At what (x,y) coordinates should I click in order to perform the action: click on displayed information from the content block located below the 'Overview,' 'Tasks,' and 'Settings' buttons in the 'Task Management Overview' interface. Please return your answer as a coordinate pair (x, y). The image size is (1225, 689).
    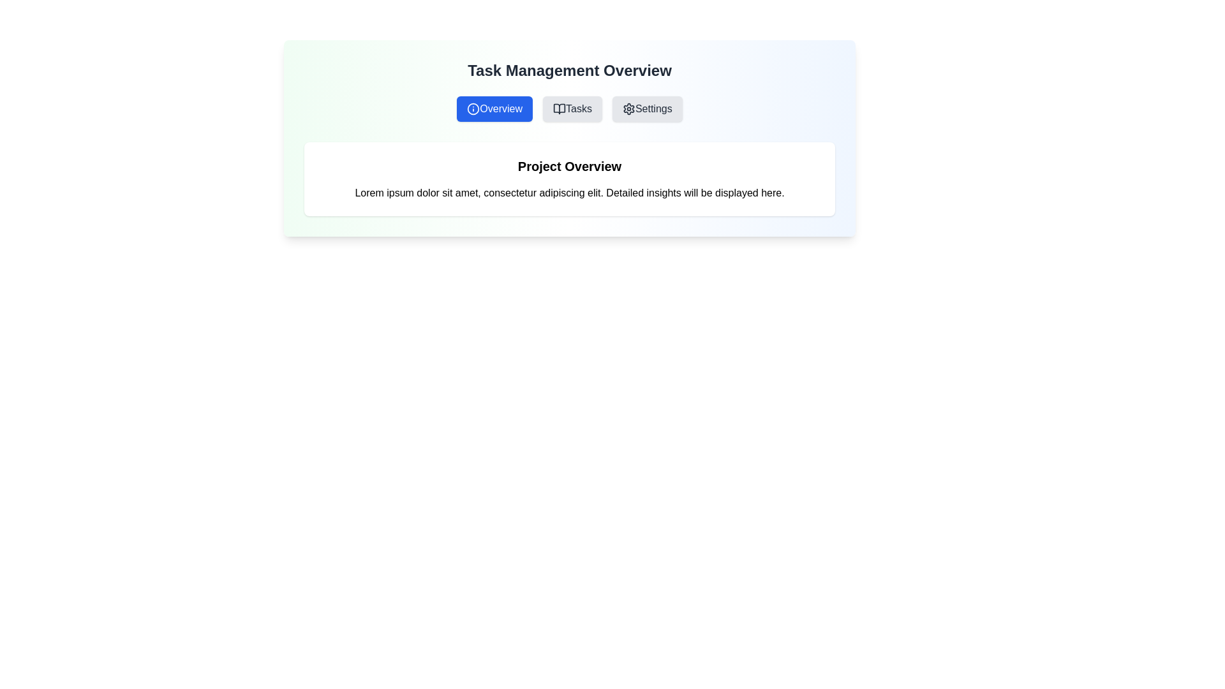
    Looking at the image, I should click on (568, 179).